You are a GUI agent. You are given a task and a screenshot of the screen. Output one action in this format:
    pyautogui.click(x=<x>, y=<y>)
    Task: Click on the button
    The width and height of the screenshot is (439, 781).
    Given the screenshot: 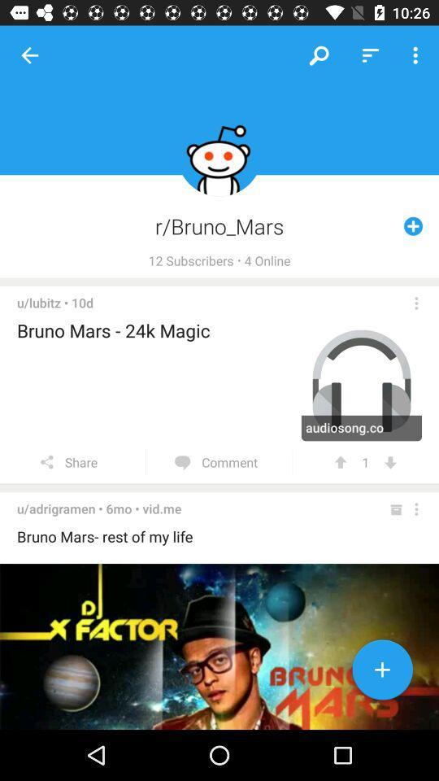 What is the action you would take?
    pyautogui.click(x=382, y=673)
    